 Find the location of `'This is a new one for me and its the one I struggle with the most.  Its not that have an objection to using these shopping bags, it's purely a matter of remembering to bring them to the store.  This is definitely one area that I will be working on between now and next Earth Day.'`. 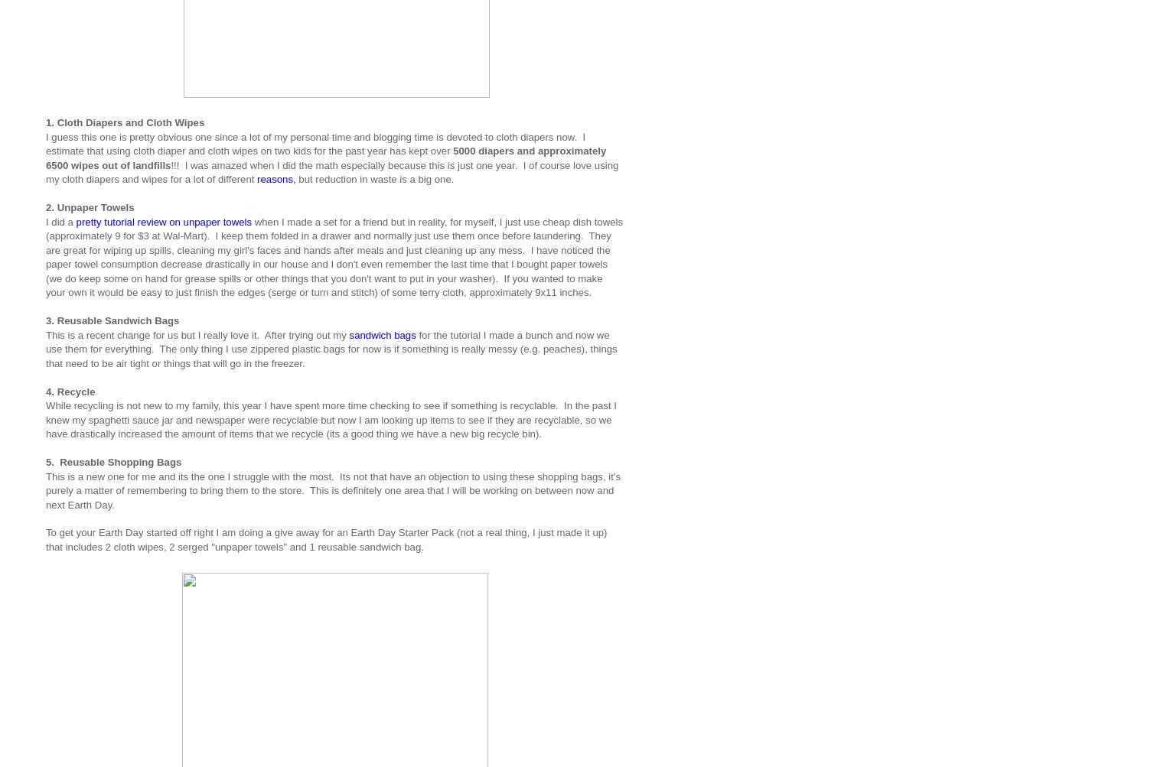

'This is a new one for me and its the one I struggle with the most.  Its not that have an objection to using these shopping bags, it's purely a matter of remembering to bring them to the store.  This is definitely one area that I will be working on between now and next Earth Day.' is located at coordinates (46, 490).